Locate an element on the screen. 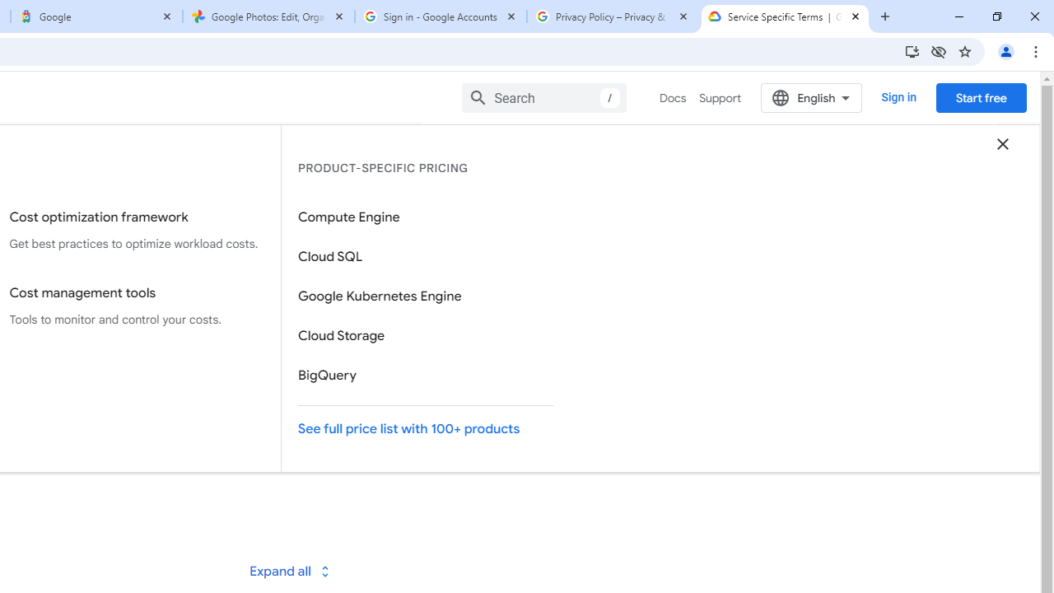 This screenshot has width=1054, height=593. 'Docs' is located at coordinates (673, 98).